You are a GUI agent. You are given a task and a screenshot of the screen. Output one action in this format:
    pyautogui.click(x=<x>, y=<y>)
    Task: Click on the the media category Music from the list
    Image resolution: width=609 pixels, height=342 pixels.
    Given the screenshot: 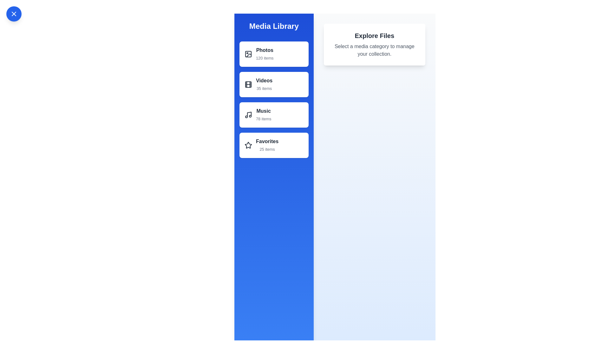 What is the action you would take?
    pyautogui.click(x=274, y=115)
    